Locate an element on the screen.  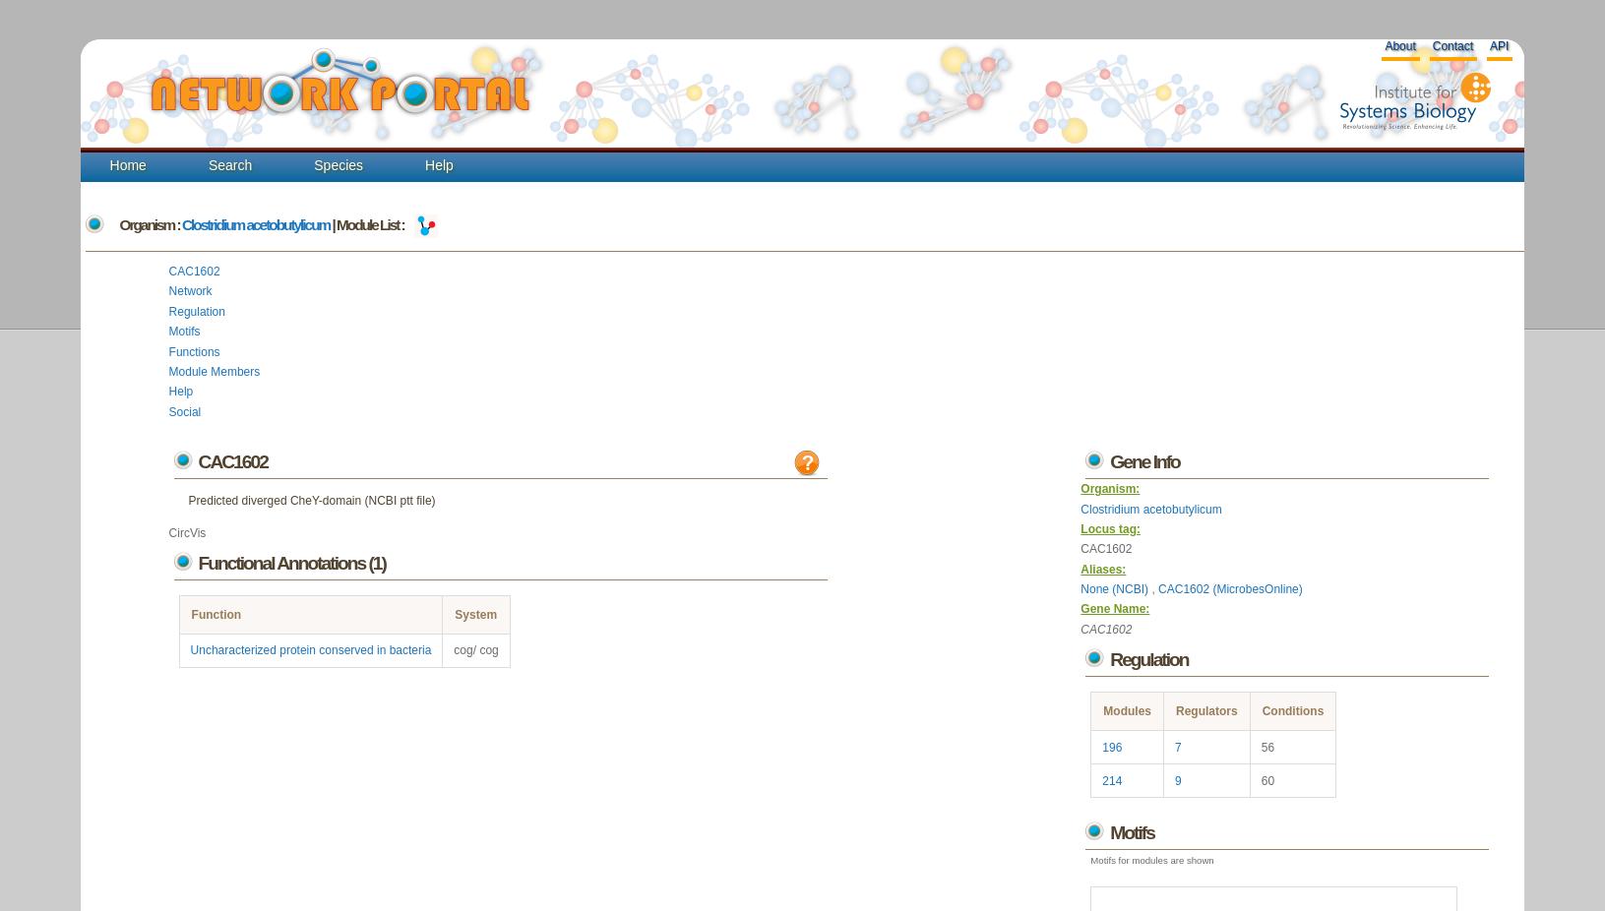
'Motifs' is located at coordinates (167, 331).